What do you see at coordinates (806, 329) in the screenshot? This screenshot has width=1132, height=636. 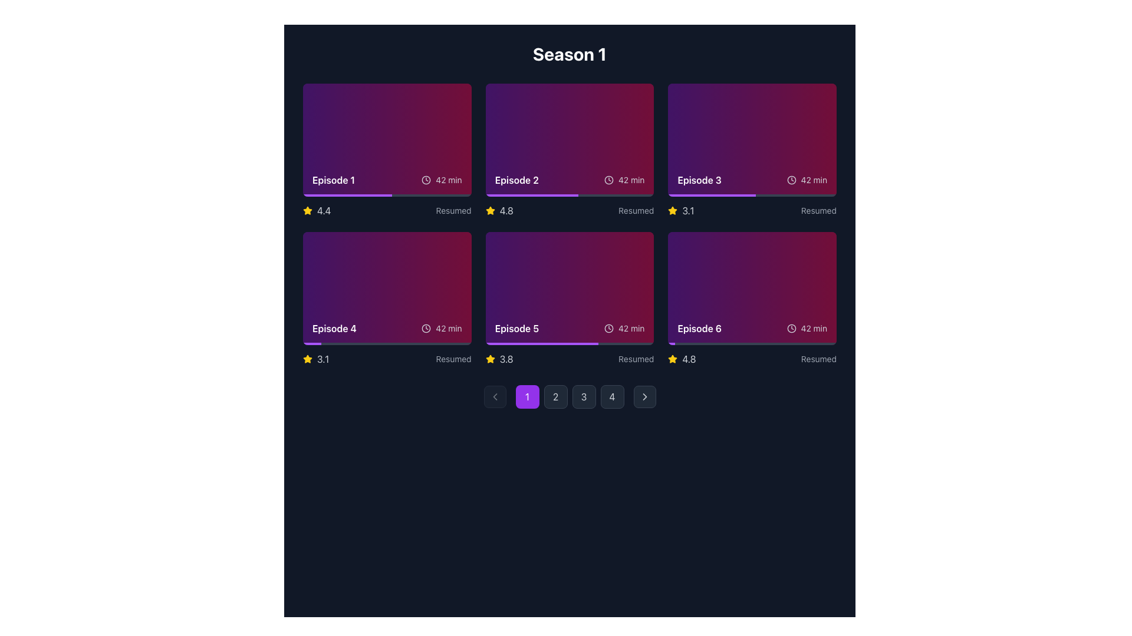 I see `the label with an icon indicating the duration of the episode located in the bottom-right corner of the card labeled 'Episode 6'` at bounding box center [806, 329].